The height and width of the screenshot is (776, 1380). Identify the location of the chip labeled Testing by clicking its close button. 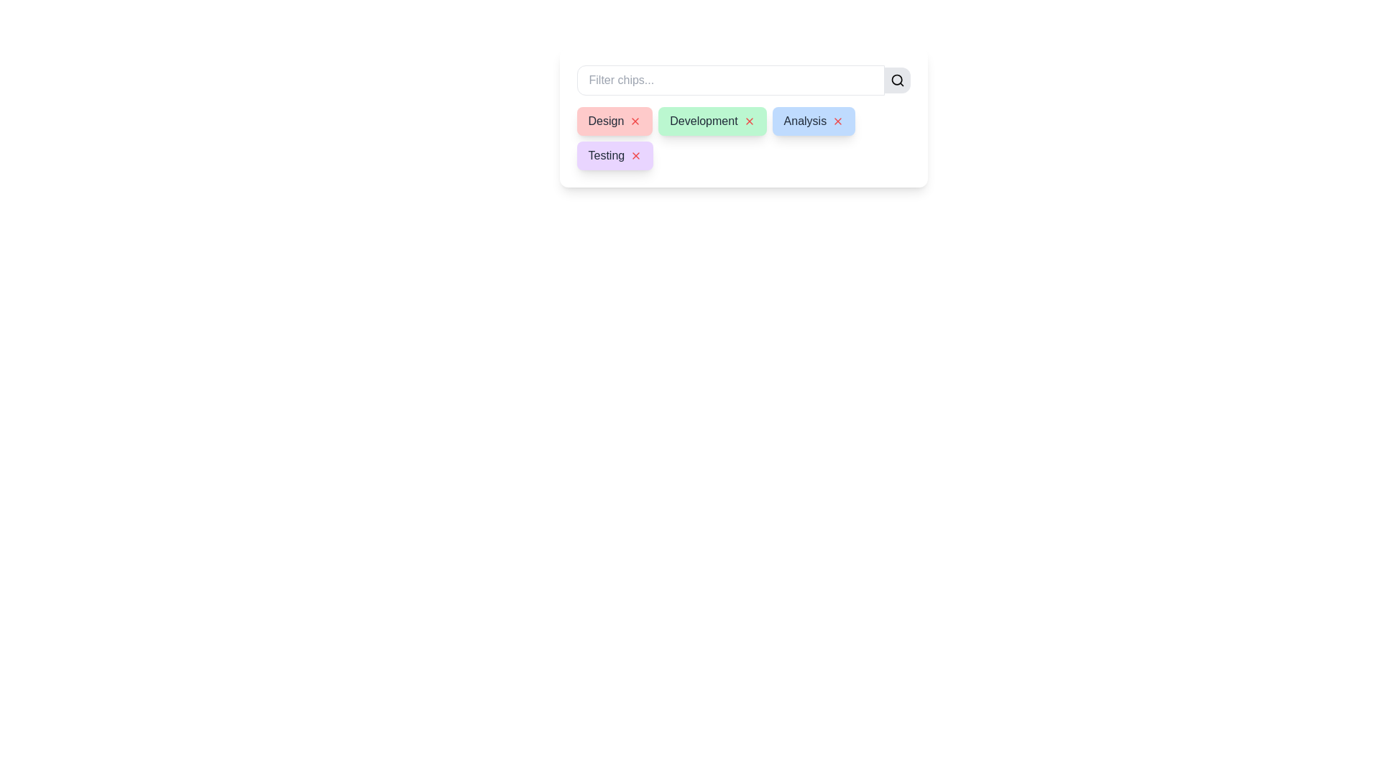
(635, 155).